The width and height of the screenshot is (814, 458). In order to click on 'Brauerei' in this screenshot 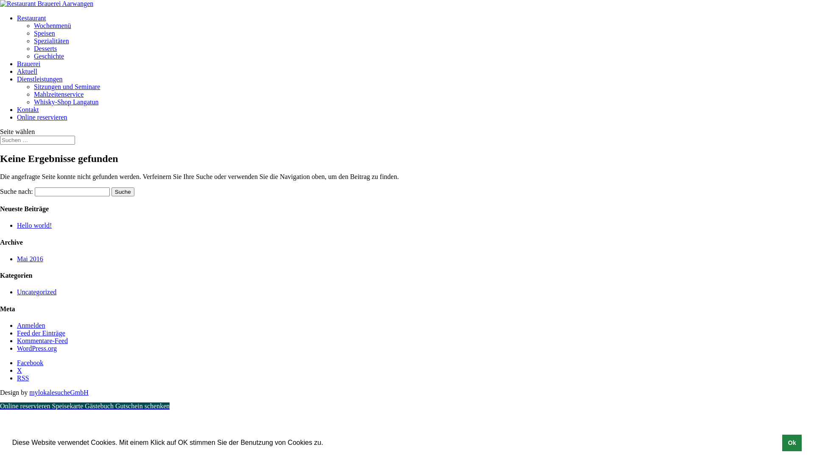, I will do `click(28, 63)`.